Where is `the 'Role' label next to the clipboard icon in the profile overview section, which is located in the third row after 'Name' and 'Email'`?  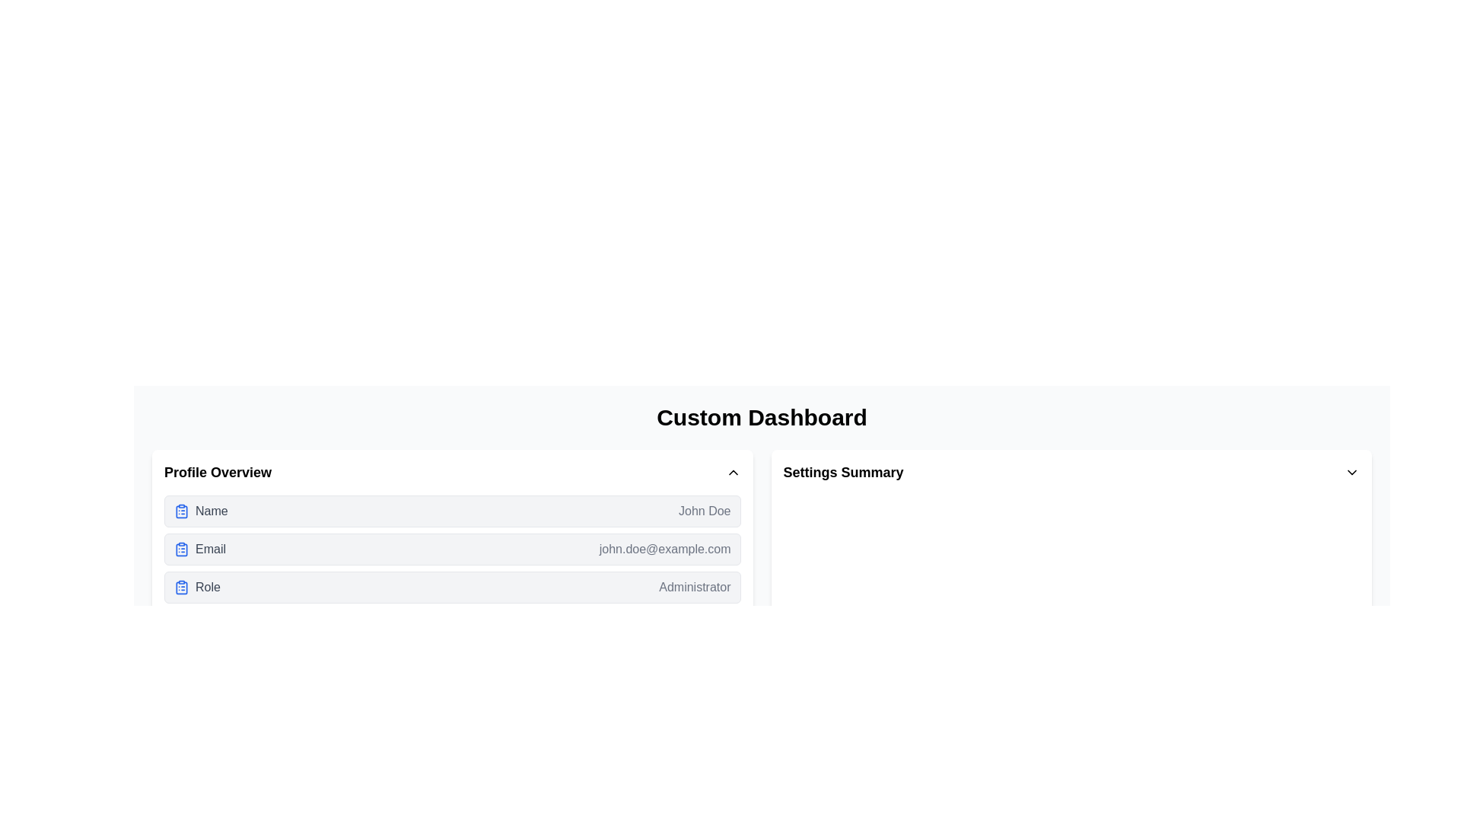
the 'Role' label next to the clipboard icon in the profile overview section, which is located in the third row after 'Name' and 'Email' is located at coordinates (196, 586).